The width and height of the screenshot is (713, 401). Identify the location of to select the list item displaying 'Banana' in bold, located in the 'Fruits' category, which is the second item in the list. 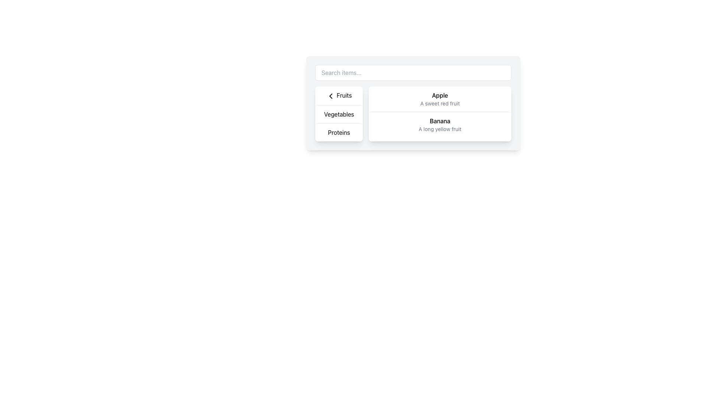
(440, 124).